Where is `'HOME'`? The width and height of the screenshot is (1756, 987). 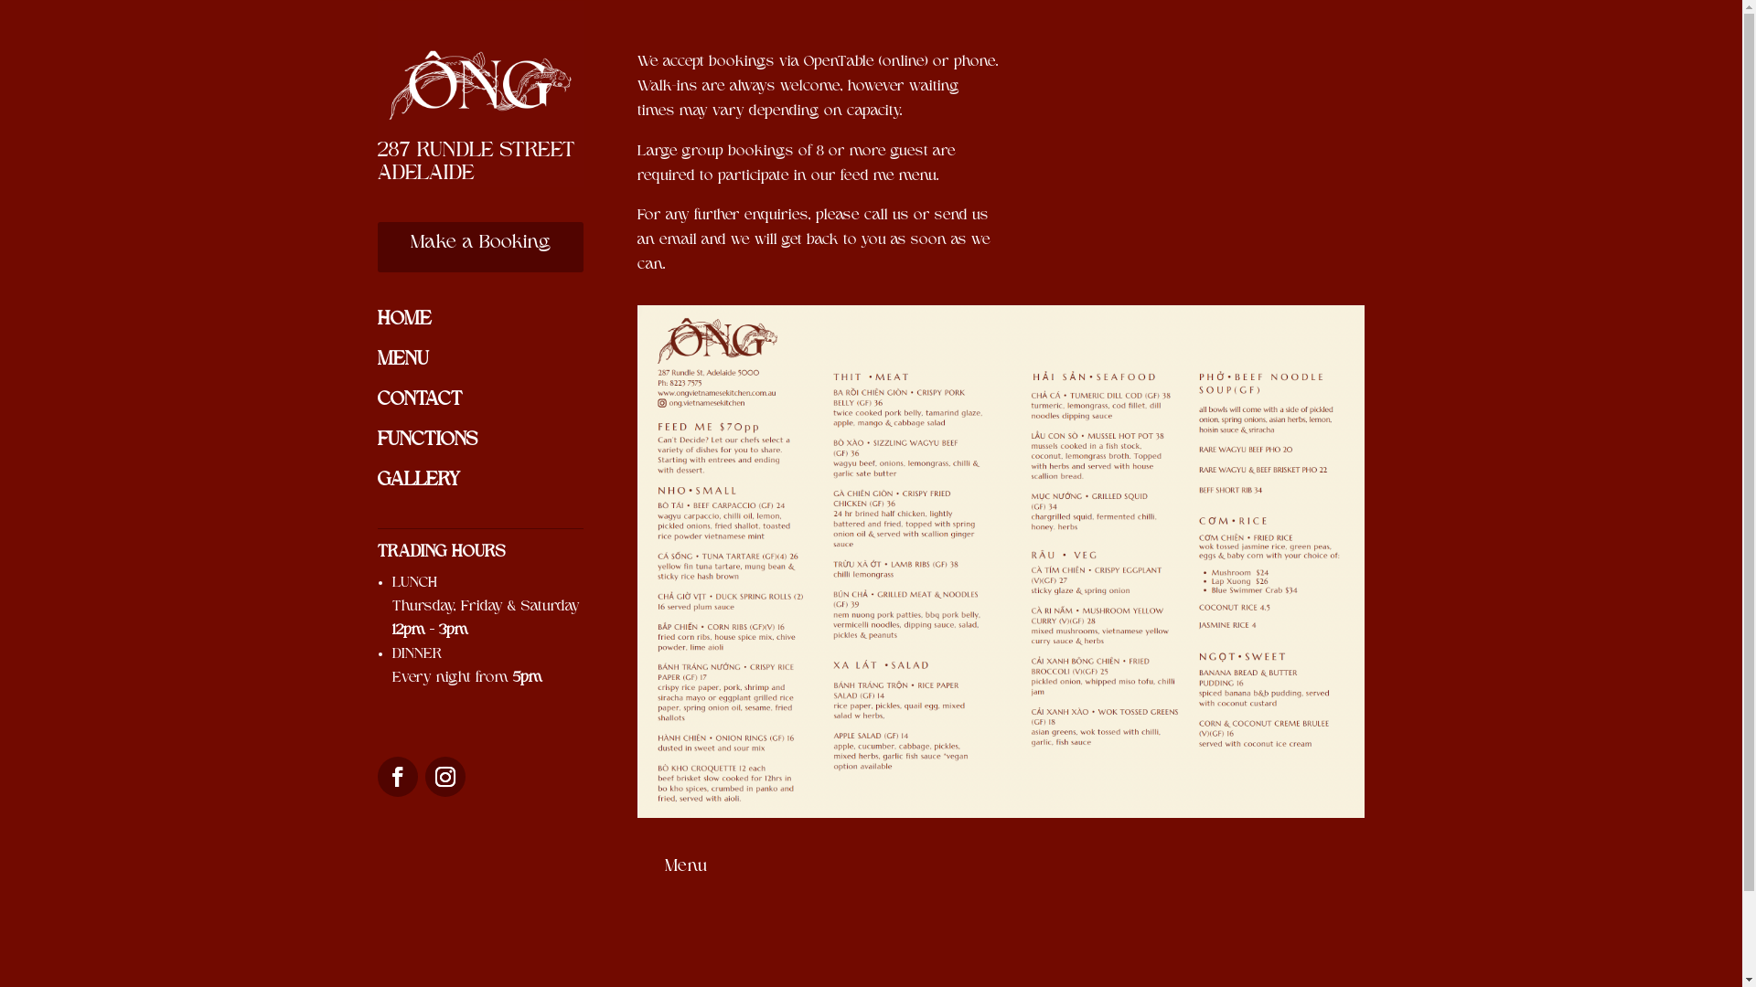
'HOME' is located at coordinates (376, 318).